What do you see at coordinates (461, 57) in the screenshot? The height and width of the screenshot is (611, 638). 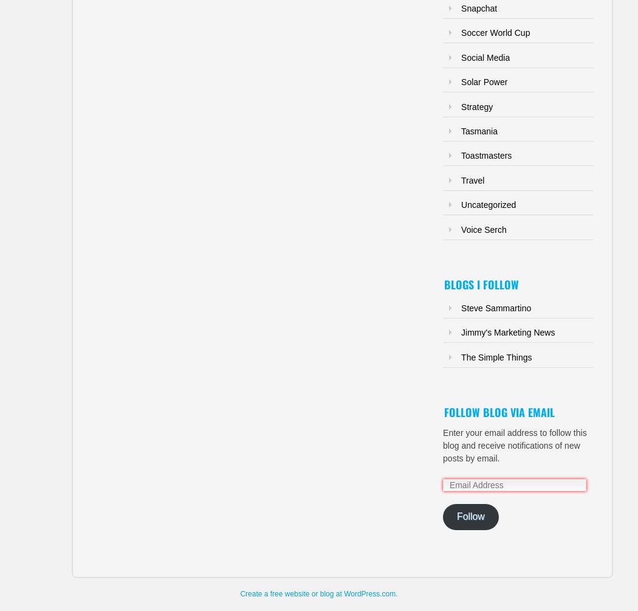 I see `'Social Media'` at bounding box center [461, 57].